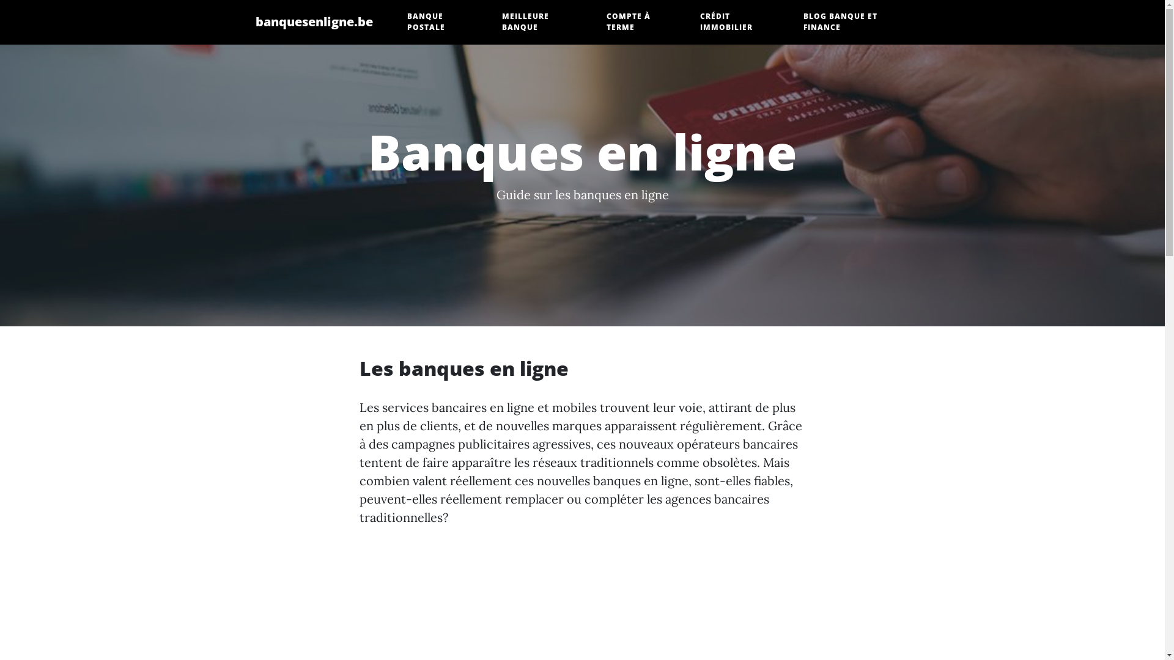 The image size is (1174, 660). I want to click on 'MEILLEURE BANQUE', so click(541, 21).